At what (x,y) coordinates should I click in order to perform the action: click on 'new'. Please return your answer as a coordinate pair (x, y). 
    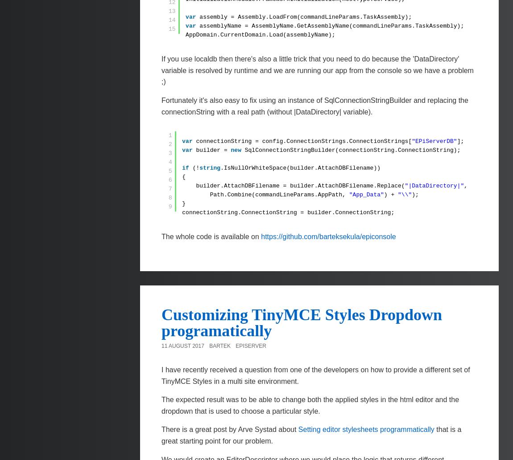
    Looking at the image, I should click on (236, 150).